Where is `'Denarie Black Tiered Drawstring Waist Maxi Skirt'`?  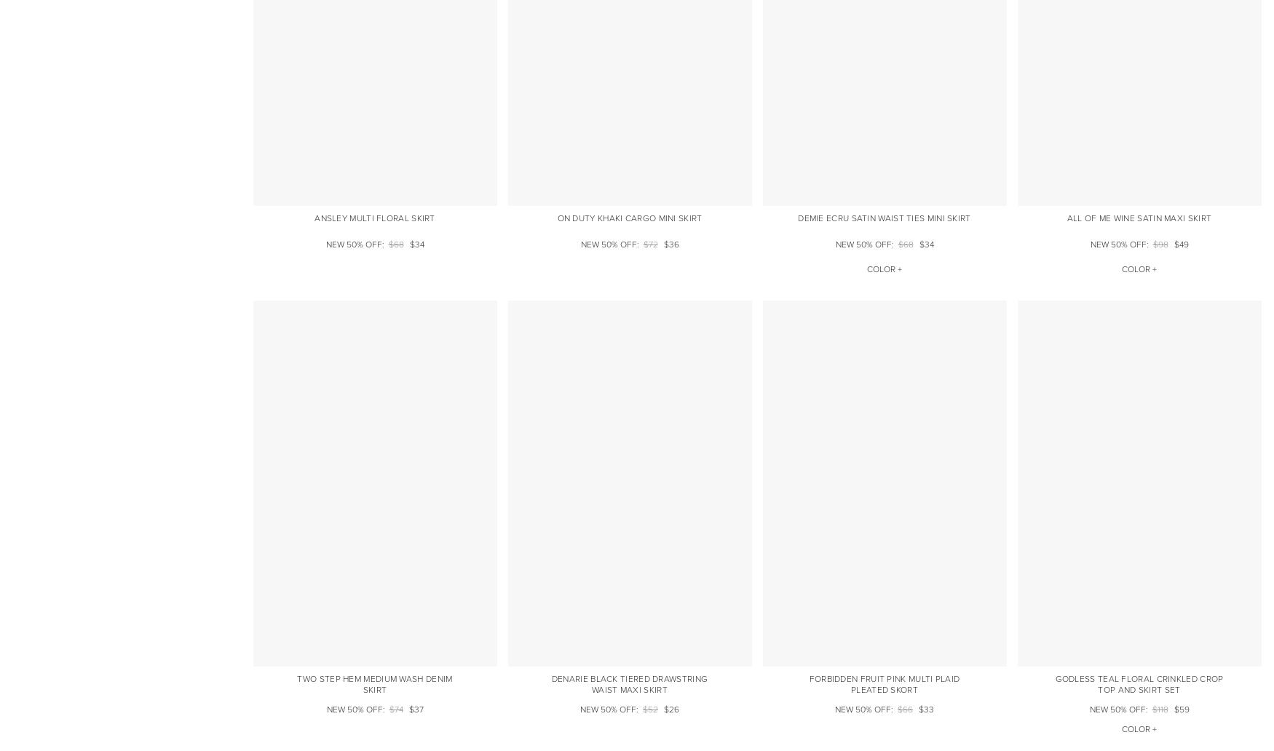 'Denarie Black Tiered Drawstring Waist Maxi Skirt' is located at coordinates (550, 683).